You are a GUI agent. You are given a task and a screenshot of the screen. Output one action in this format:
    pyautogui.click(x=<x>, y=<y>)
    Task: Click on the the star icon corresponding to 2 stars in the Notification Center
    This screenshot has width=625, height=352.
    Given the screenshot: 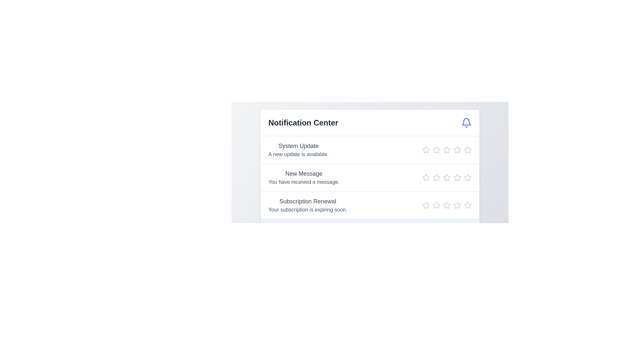 What is the action you would take?
    pyautogui.click(x=436, y=150)
    